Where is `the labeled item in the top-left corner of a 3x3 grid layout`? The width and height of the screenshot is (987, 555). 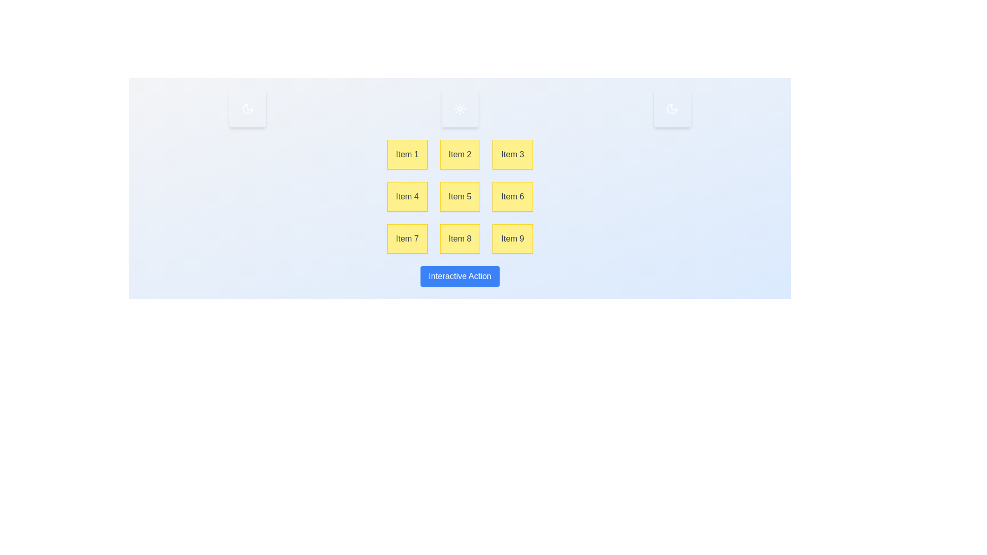 the labeled item in the top-left corner of a 3x3 grid layout is located at coordinates (407, 154).